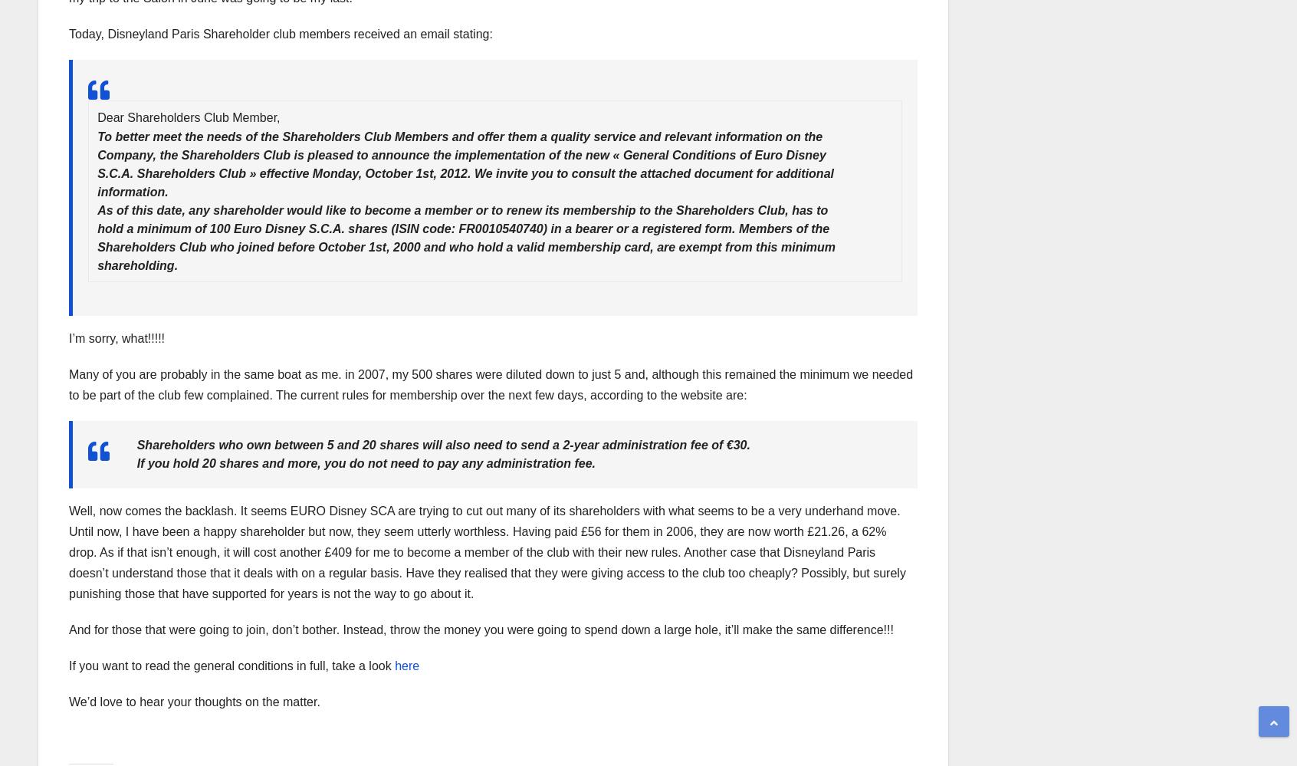 The height and width of the screenshot is (766, 1297). What do you see at coordinates (461, 163) in the screenshot?
I see `'« General Conditions of Euro Disney S.C.A. Shareholders Club »'` at bounding box center [461, 163].